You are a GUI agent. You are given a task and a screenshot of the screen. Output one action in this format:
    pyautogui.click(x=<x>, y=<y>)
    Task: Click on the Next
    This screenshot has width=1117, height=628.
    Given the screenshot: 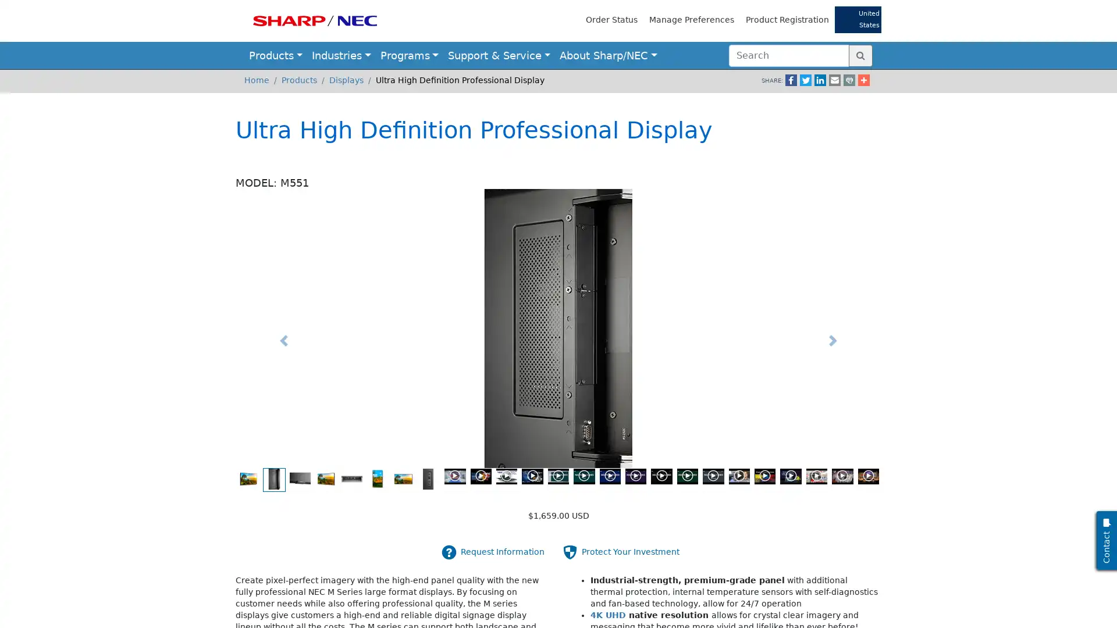 What is the action you would take?
    pyautogui.click(x=832, y=340)
    